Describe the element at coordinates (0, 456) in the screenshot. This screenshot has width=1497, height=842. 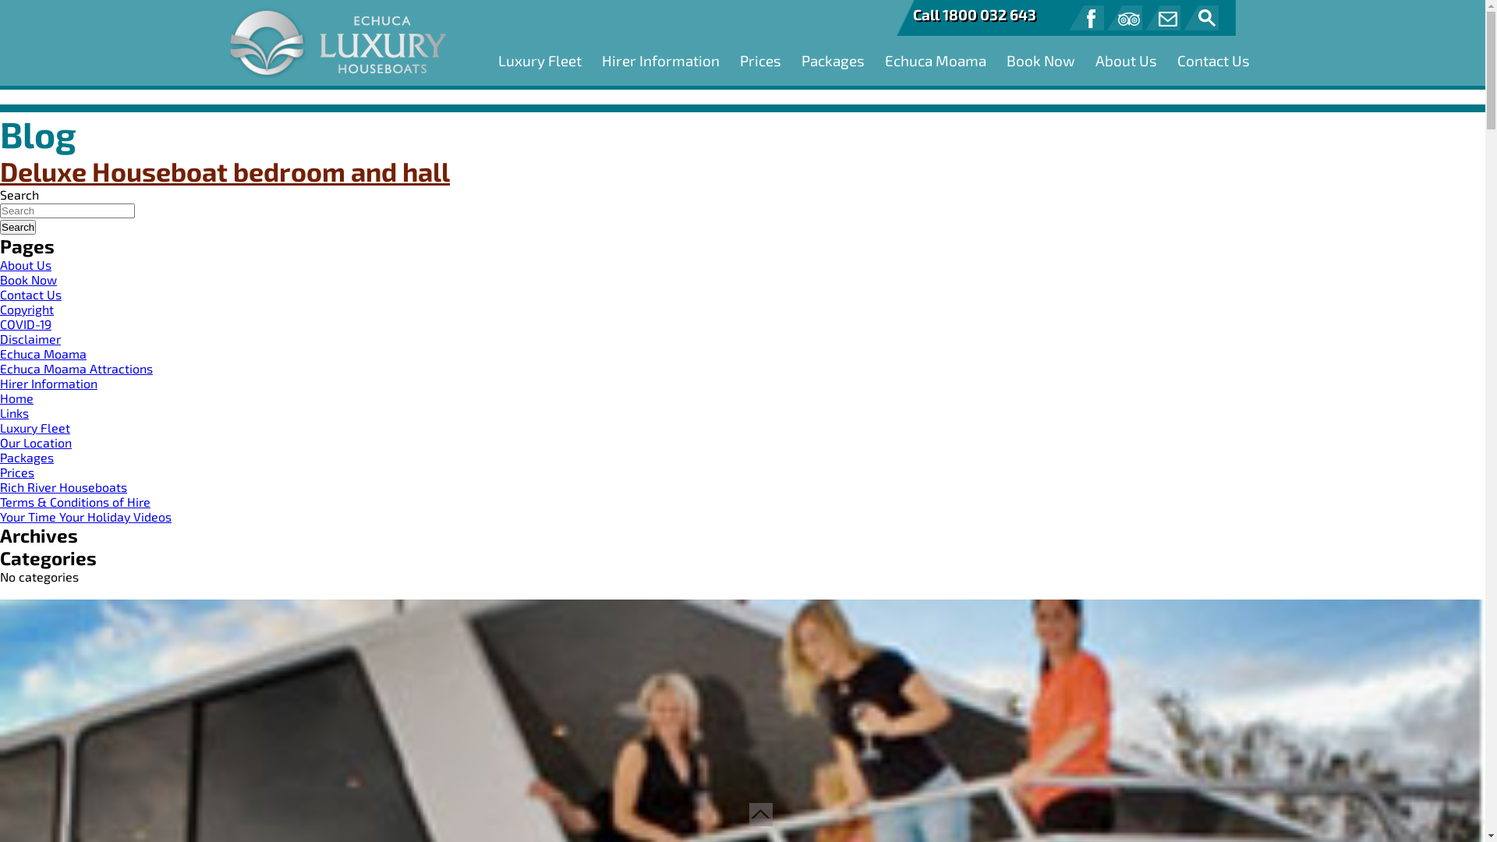
I see `'Packages'` at that location.